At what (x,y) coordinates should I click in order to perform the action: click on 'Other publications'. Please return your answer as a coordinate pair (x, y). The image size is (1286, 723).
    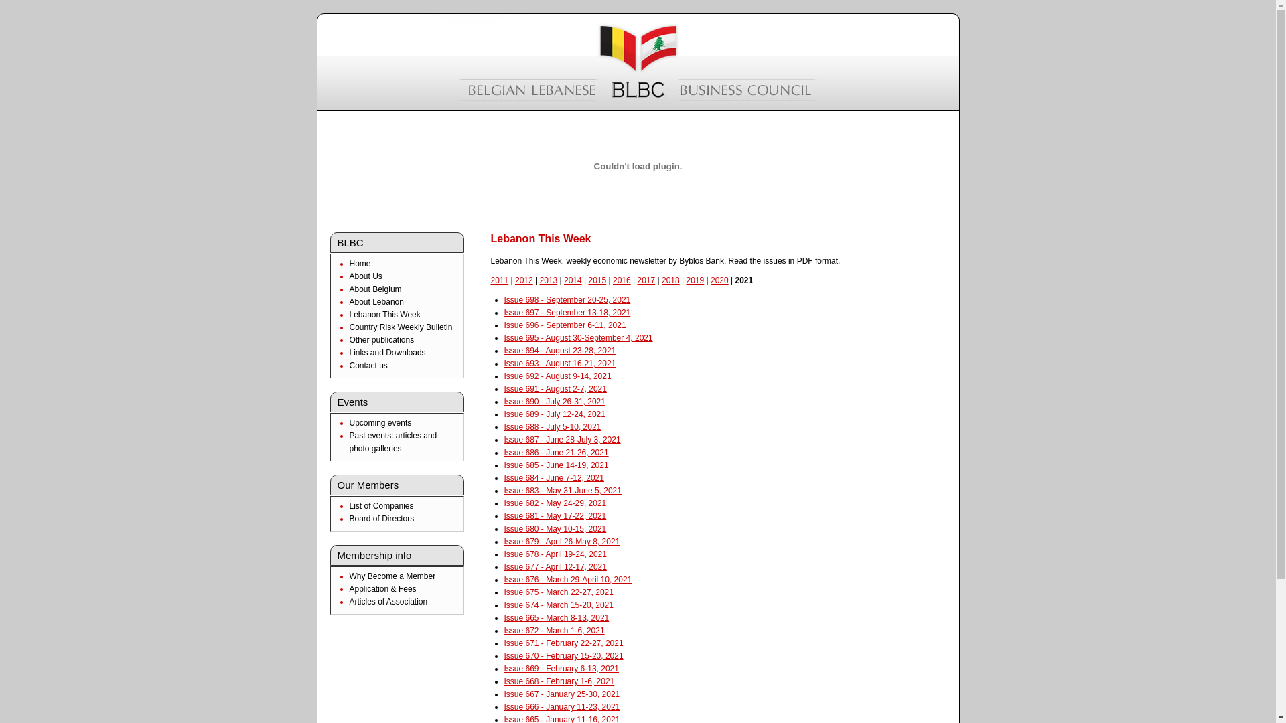
    Looking at the image, I should click on (381, 339).